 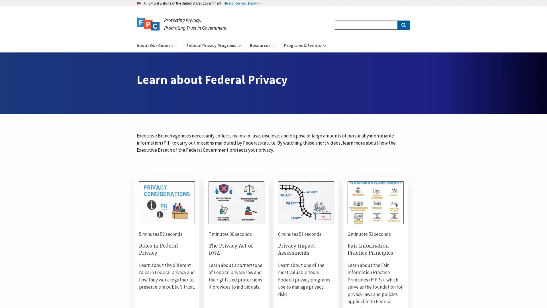 I want to click on Resources, so click(x=262, y=45).